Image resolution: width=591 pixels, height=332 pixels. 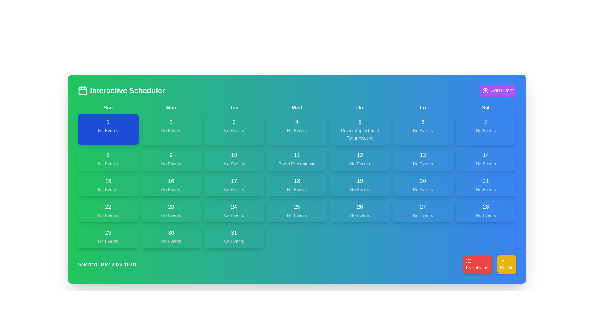 What do you see at coordinates (108, 181) in the screenshot?
I see `displayed text '15' from the Text Label that serves as a visual cue for users to identify a particular day in the calendar grid` at bounding box center [108, 181].